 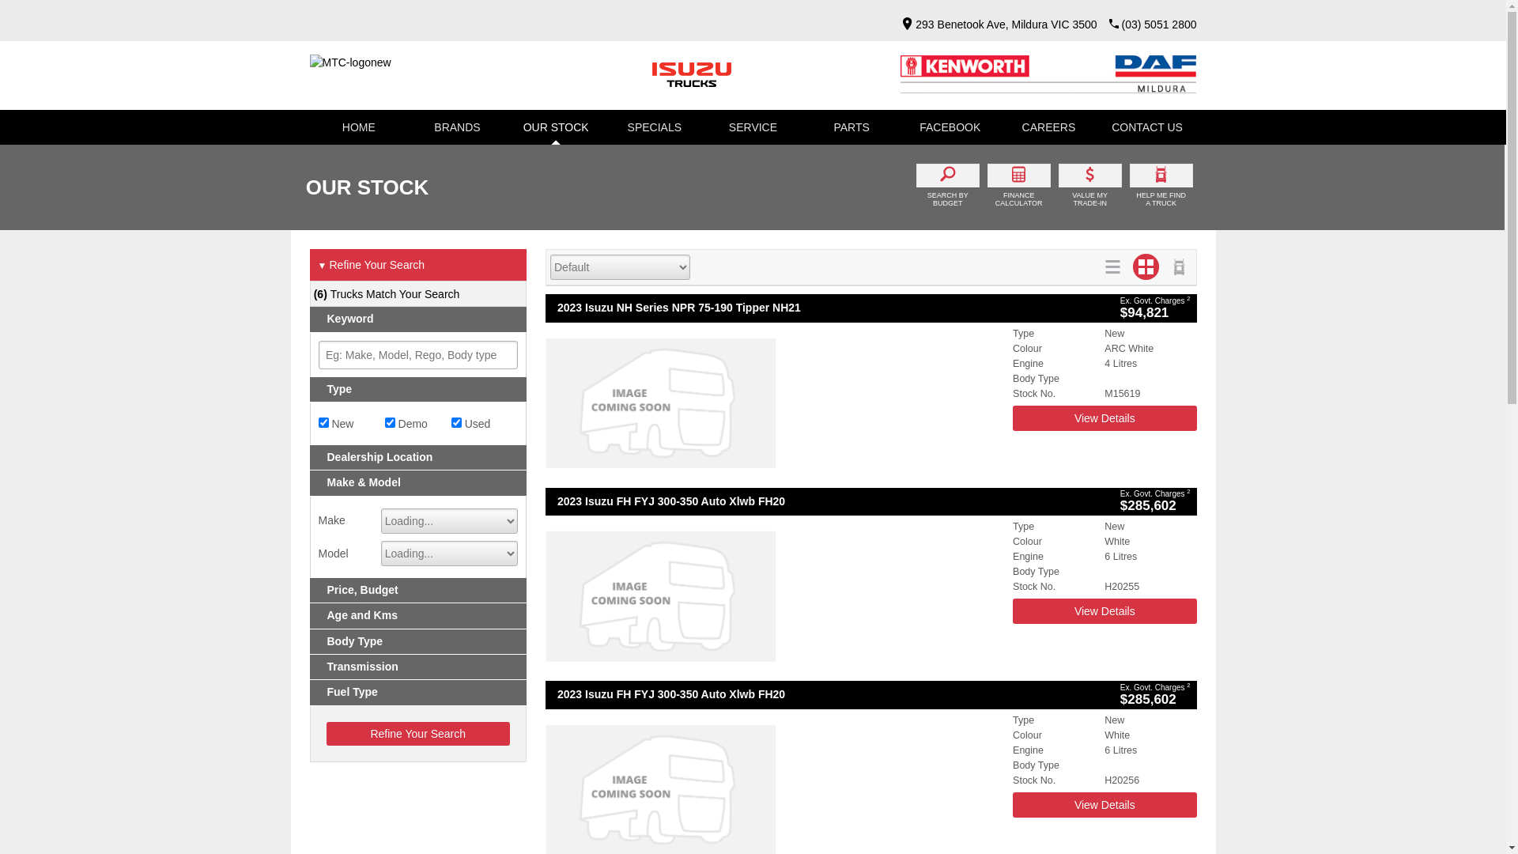 I want to click on 'CONTACT US', so click(x=1147, y=127).